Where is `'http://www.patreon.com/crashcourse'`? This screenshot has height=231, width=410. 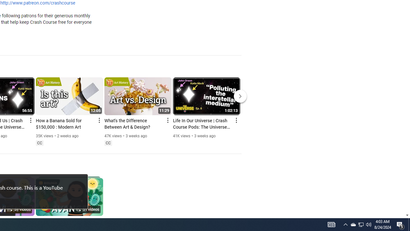 'http://www.patreon.com/crashcourse' is located at coordinates (37, 3).